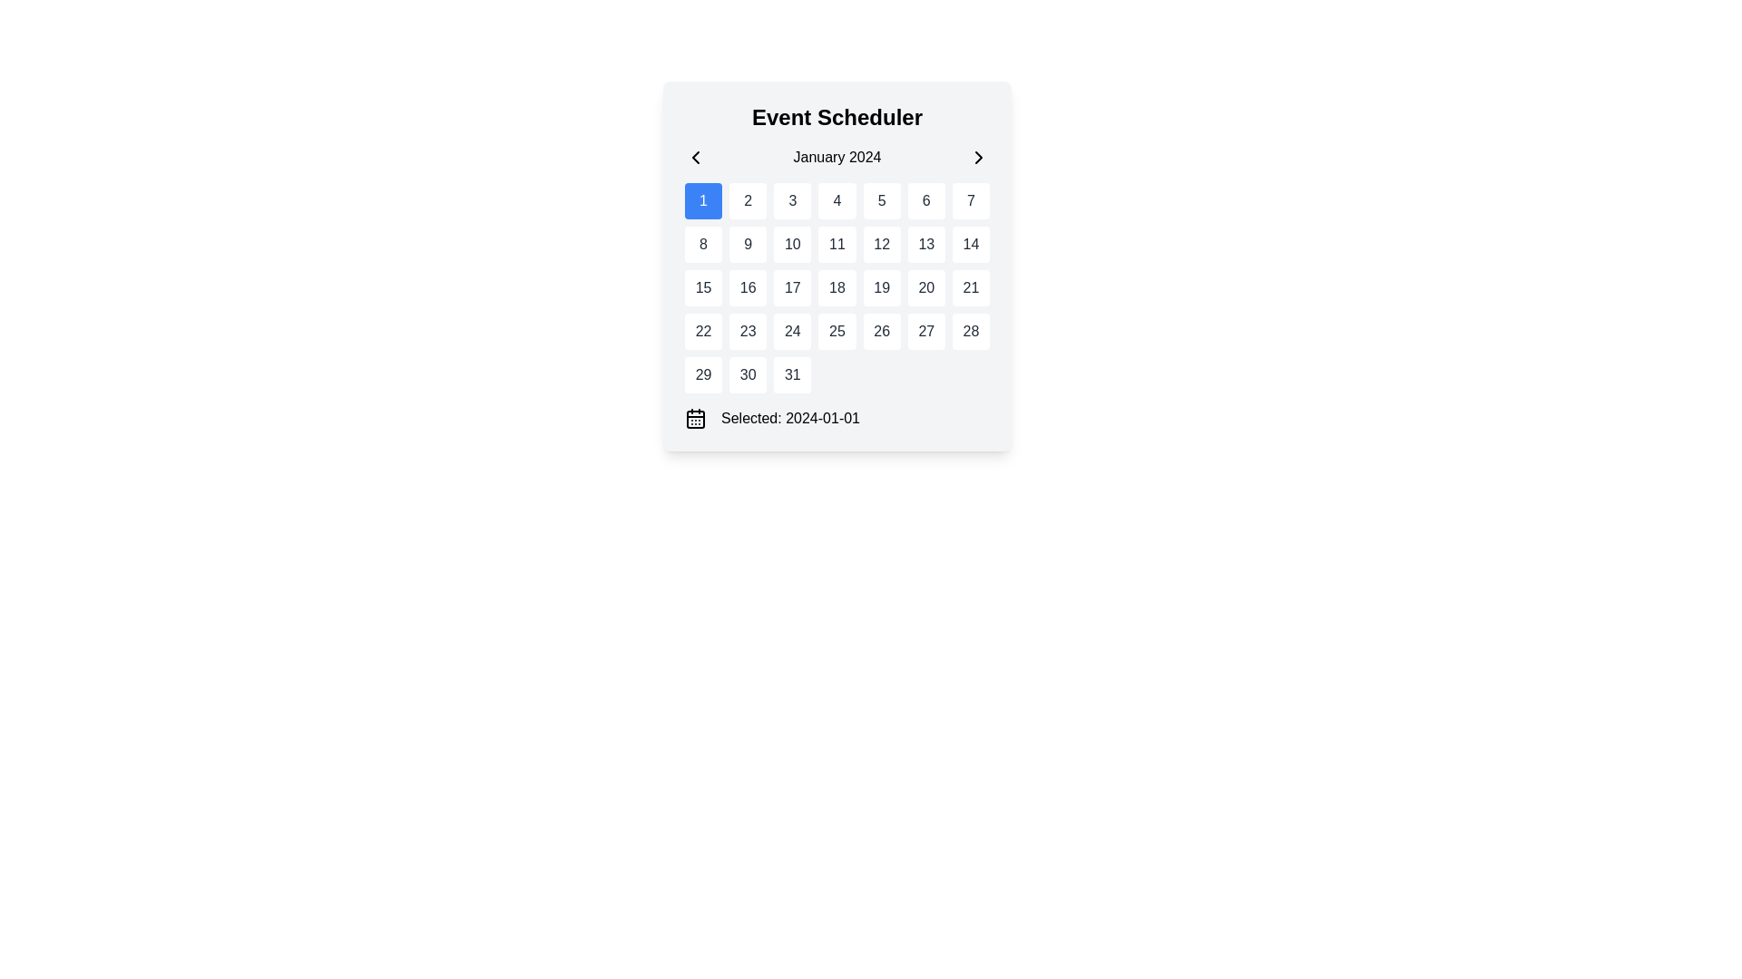 This screenshot has height=979, width=1742. Describe the element at coordinates (836, 156) in the screenshot. I see `the text label displaying 'January 2024' in the 'Event Scheduler' module, which is centrally positioned in the horizontal header bar` at that location.